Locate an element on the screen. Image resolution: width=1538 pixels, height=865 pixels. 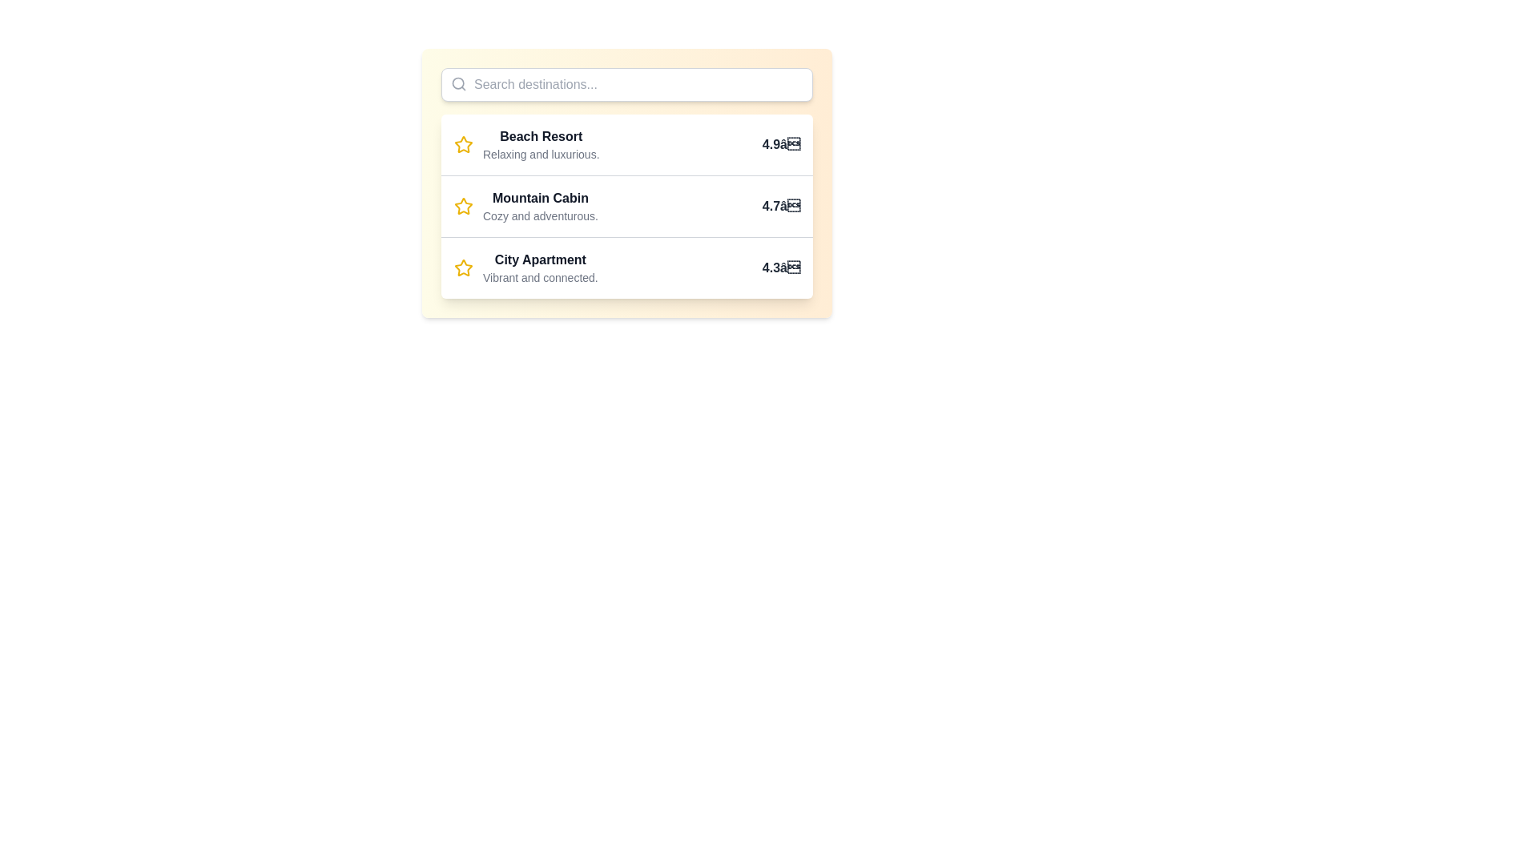
the yellow star icon that indicates the rating or favorite status for the item 'Mountain Cabin', located to the immediate left of the entry in the list is located at coordinates (463, 144).